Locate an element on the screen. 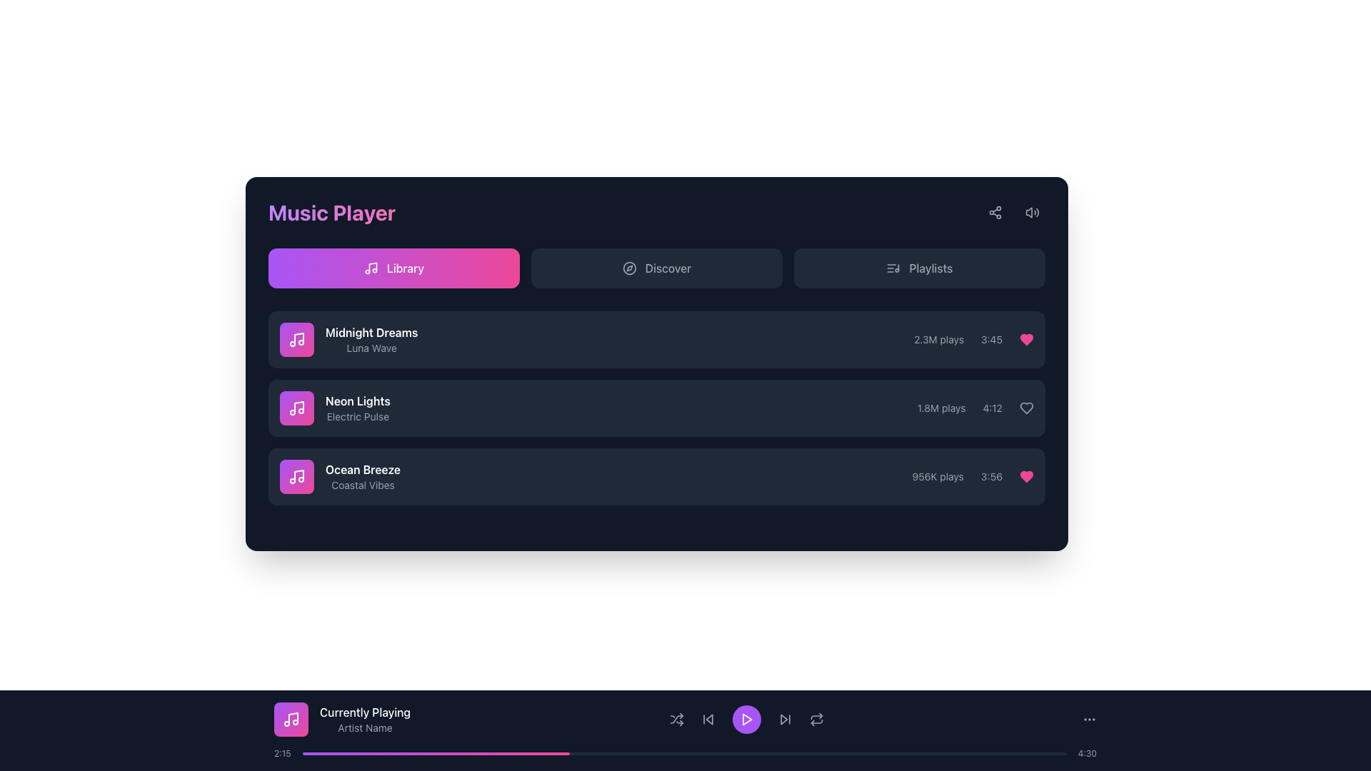 The image size is (1371, 771). the music-related icon that visually enhances the 'Playlists' button located on the top row of the interface is located at coordinates (893, 268).